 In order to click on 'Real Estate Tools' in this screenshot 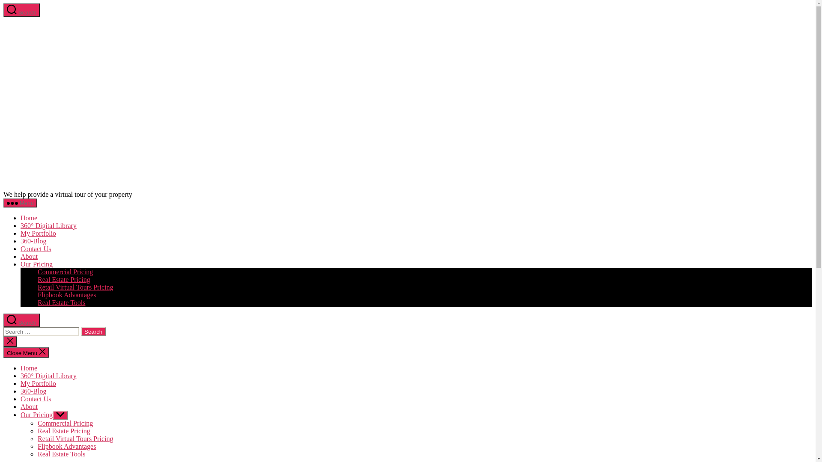, I will do `click(37, 302)`.